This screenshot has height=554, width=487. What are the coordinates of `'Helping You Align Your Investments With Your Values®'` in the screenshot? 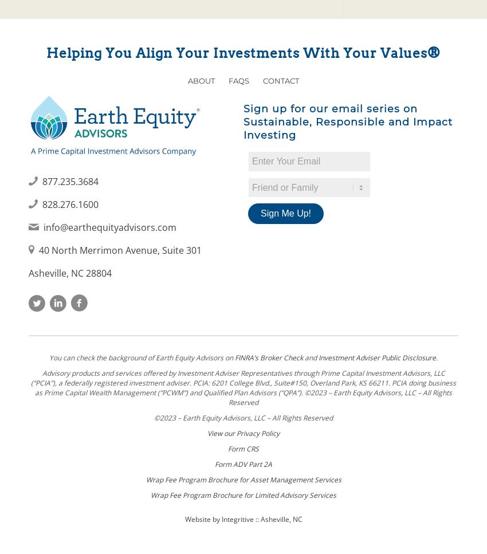 It's located at (46, 52).